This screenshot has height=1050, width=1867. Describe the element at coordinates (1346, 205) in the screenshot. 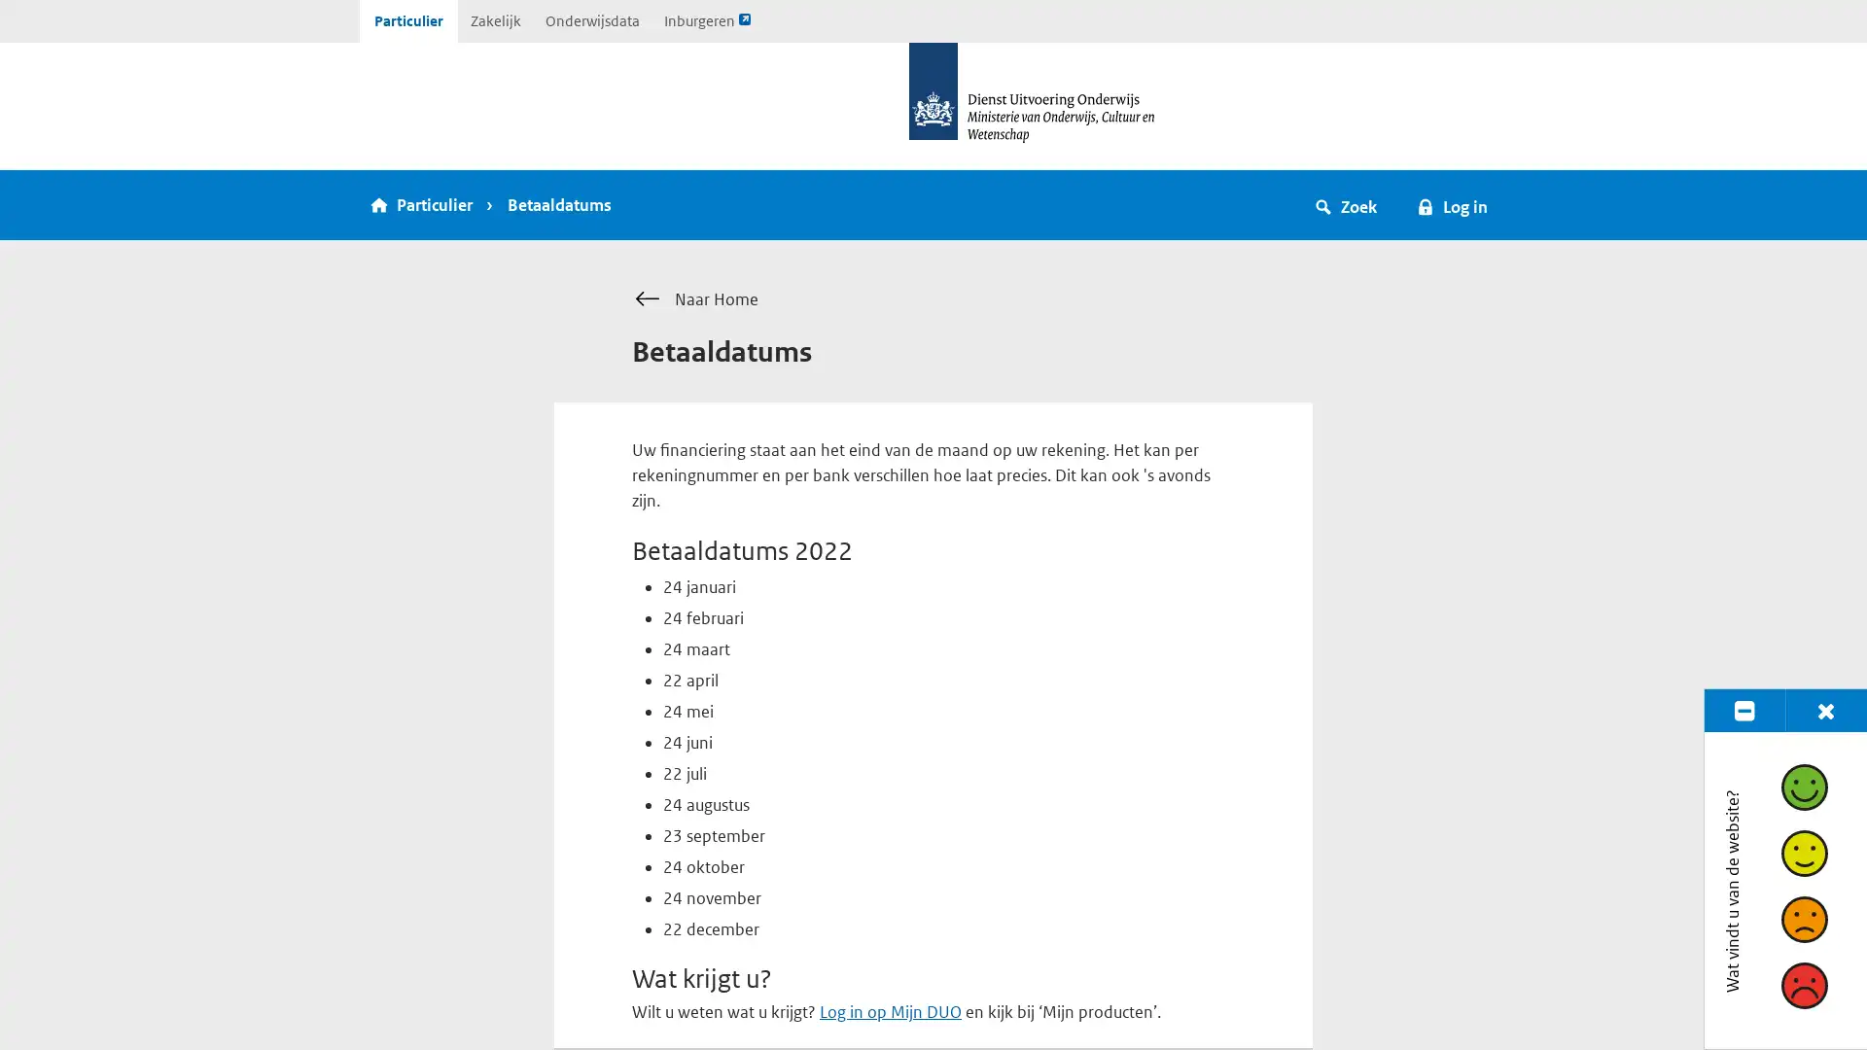

I see `Zoek` at that location.